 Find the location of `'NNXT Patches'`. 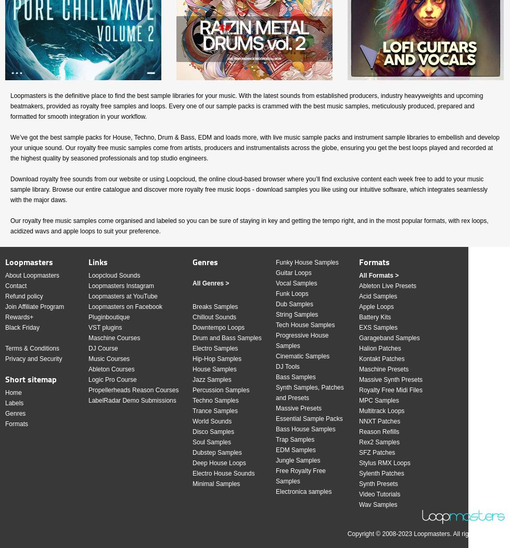

'NNXT Patches' is located at coordinates (379, 421).